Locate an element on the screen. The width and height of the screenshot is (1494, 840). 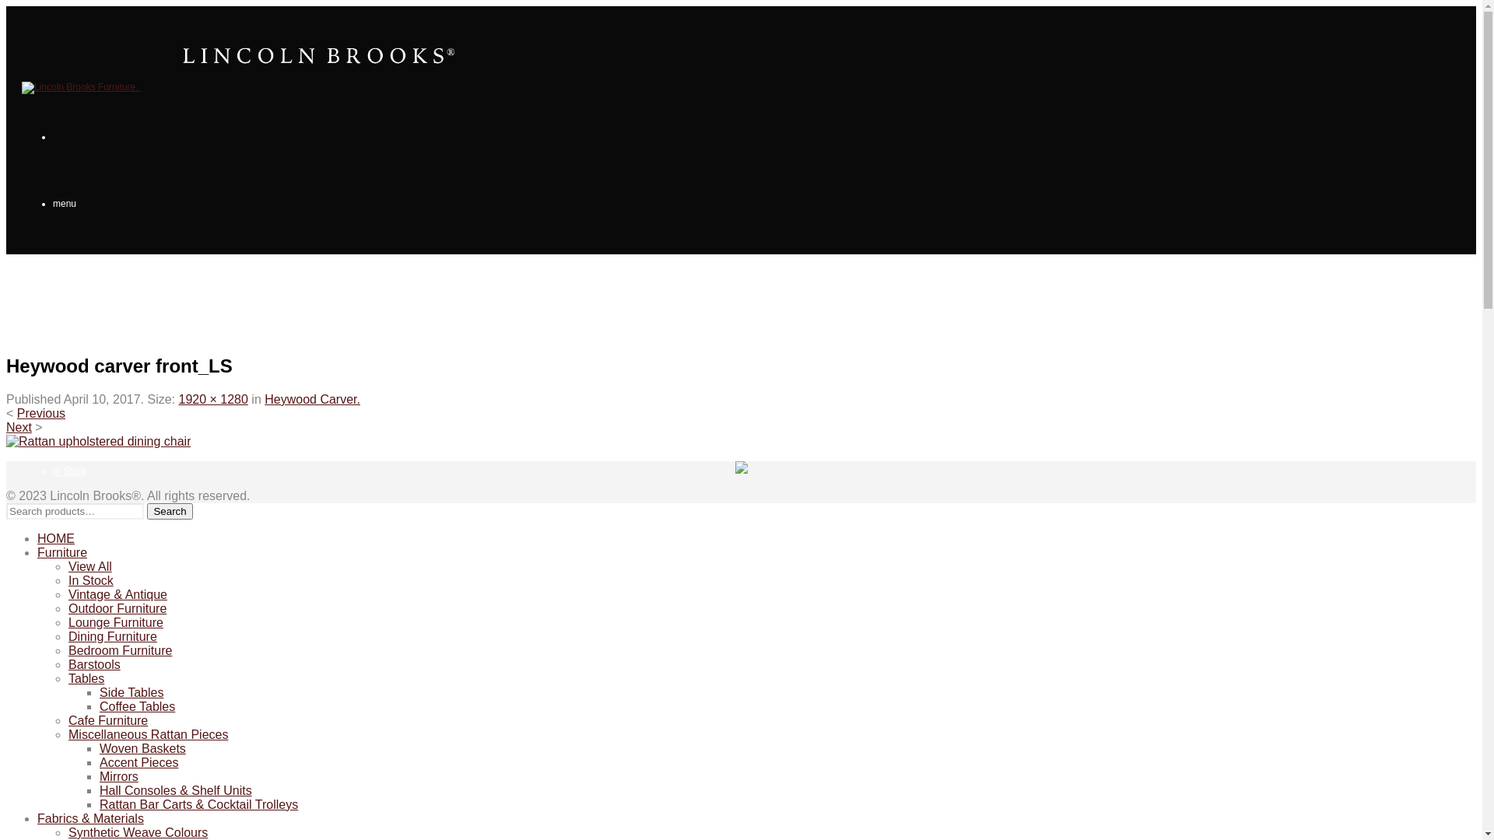
'HOME' is located at coordinates (56, 537).